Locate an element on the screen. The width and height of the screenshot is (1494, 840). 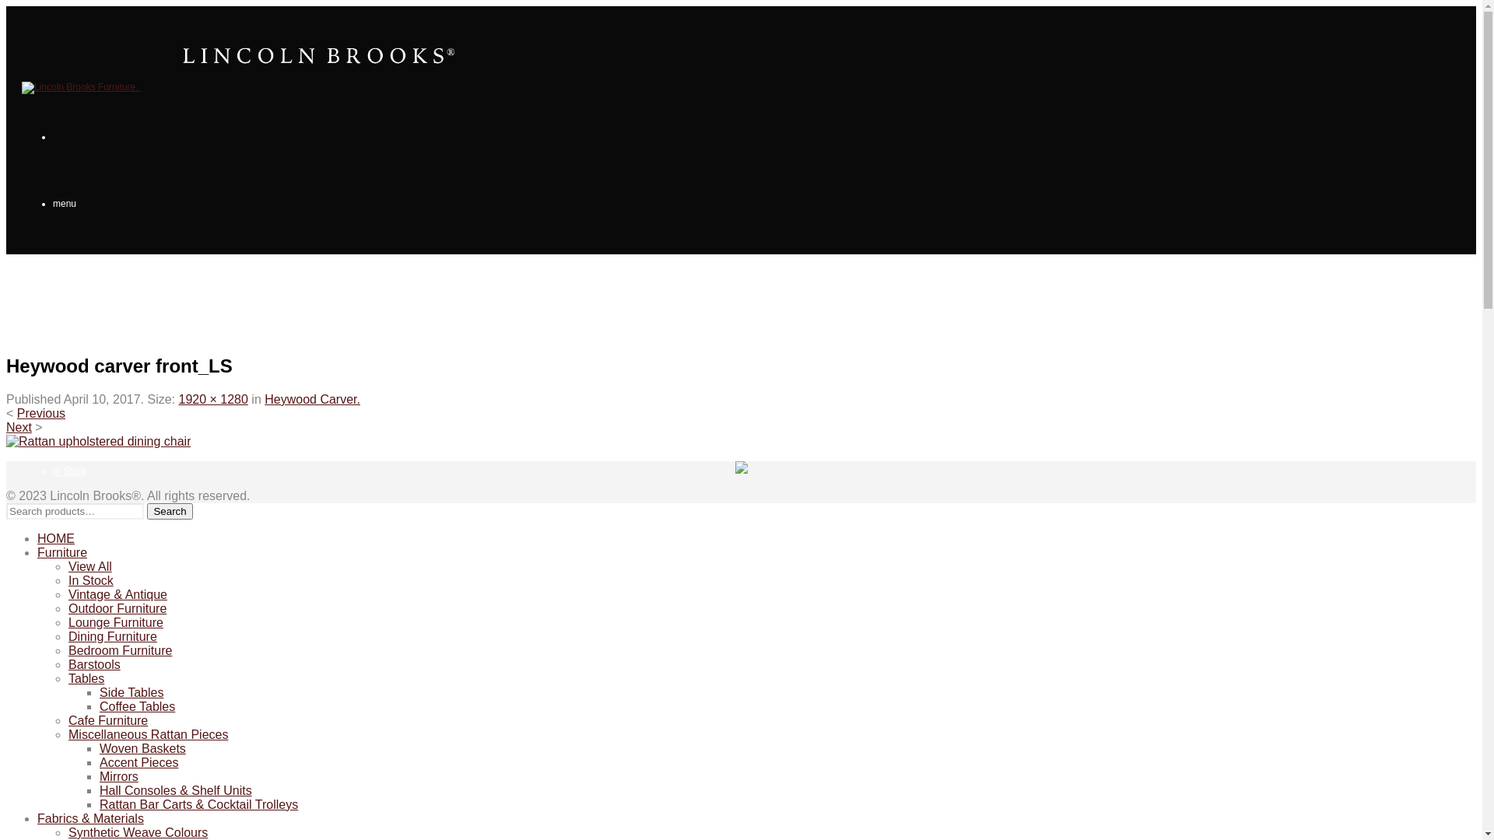
'HOME' is located at coordinates (56, 537).